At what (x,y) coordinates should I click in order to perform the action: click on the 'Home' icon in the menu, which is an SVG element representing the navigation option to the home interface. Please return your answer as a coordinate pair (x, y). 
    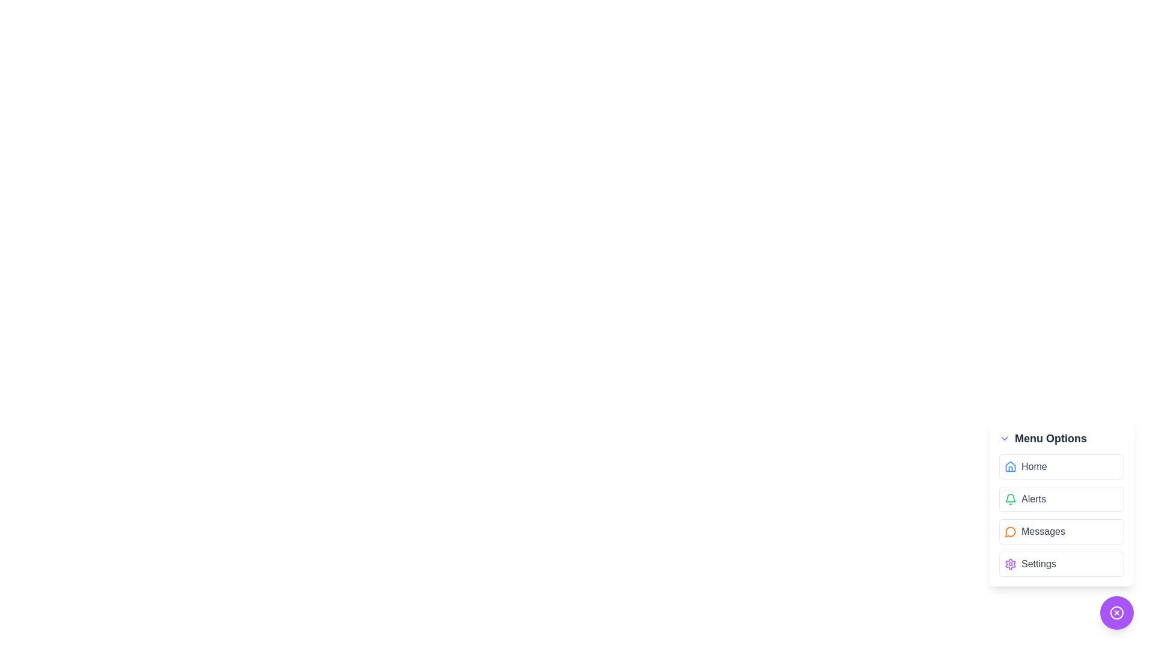
    Looking at the image, I should click on (1010, 466).